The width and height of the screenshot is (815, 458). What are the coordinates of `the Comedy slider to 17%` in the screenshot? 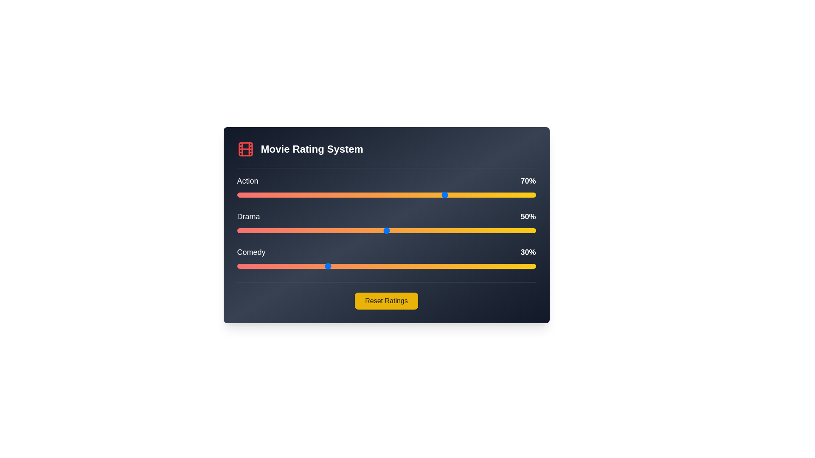 It's located at (288, 266).